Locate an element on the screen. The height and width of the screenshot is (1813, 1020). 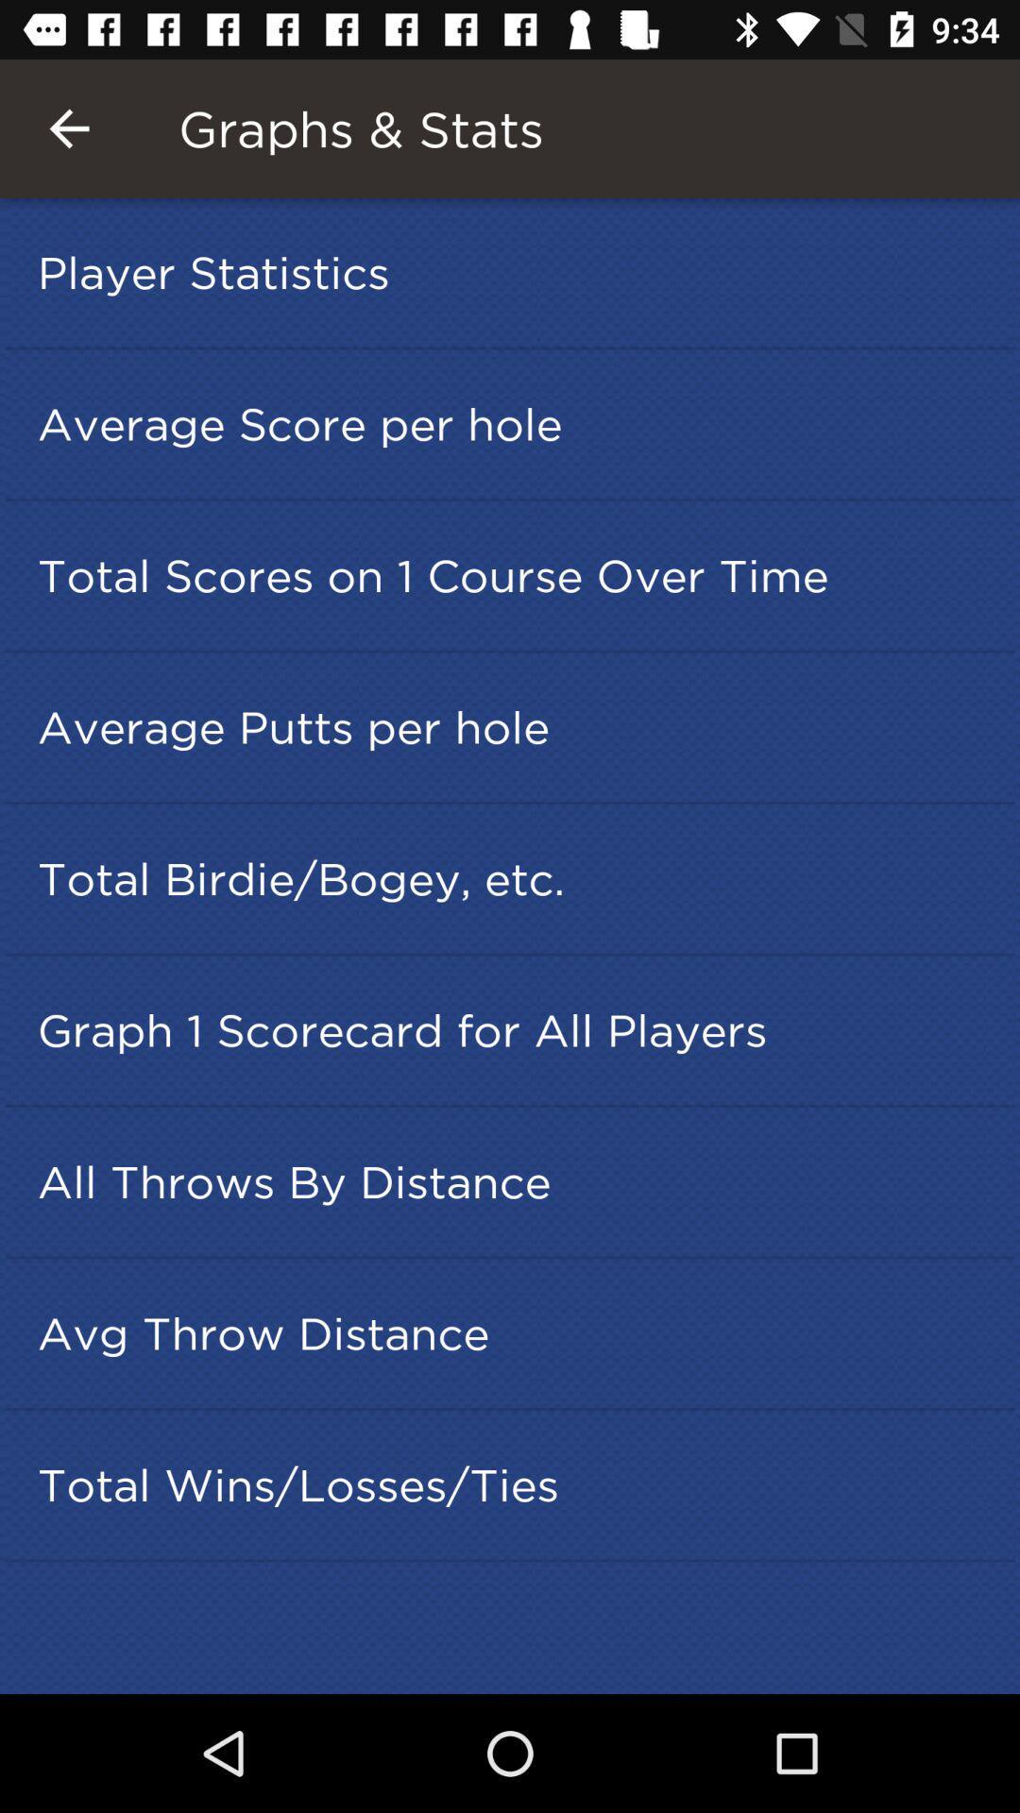
the all throws by is located at coordinates (516, 1180).